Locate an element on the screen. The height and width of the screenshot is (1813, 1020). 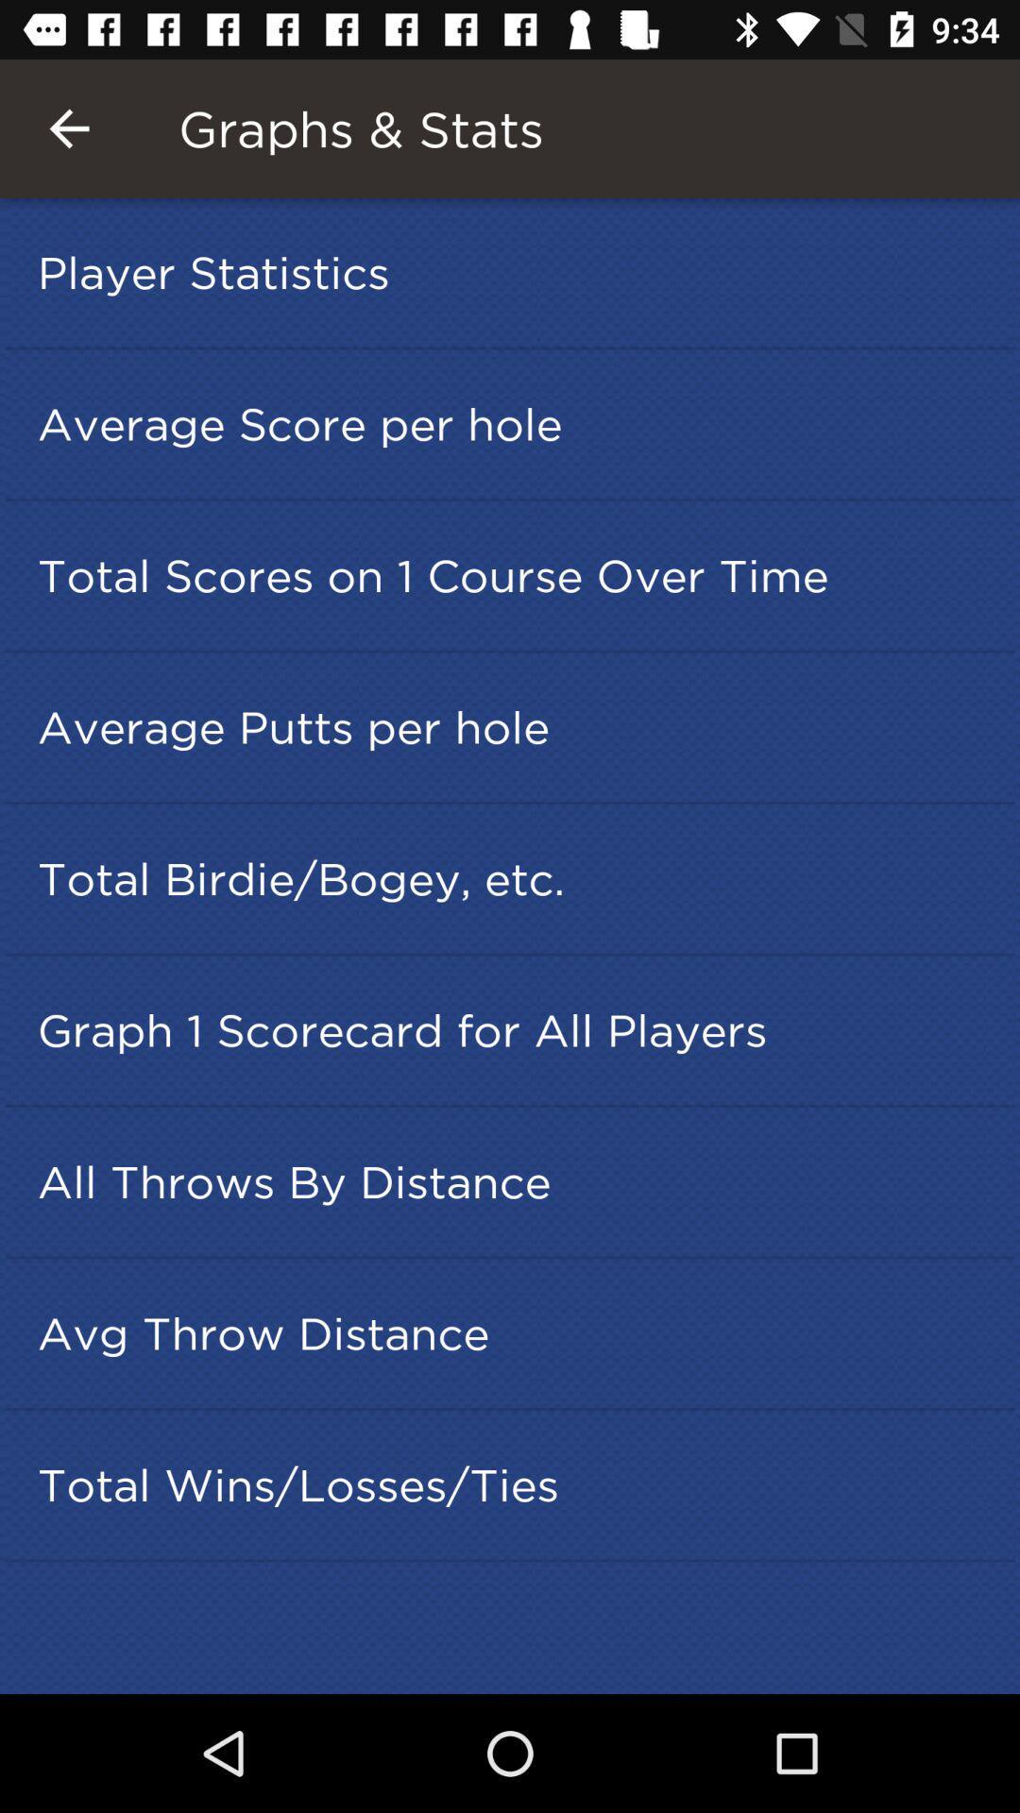
the all throws by is located at coordinates (516, 1180).